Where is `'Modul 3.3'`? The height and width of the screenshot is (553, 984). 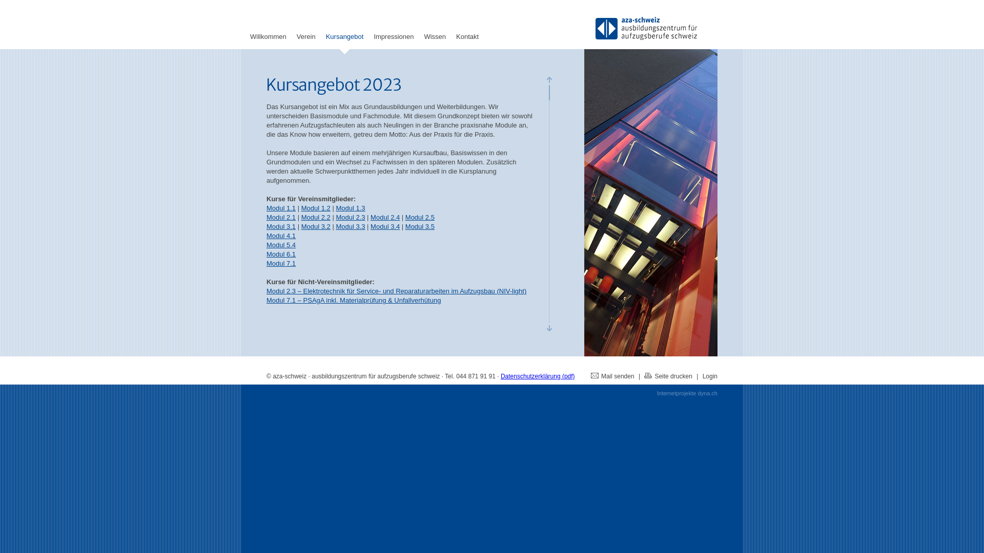 'Modul 3.3' is located at coordinates (350, 226).